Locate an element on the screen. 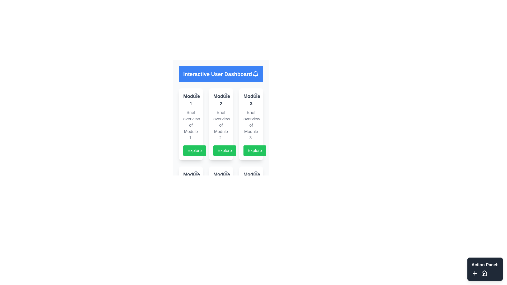  the 'Module 2' card element, which features a green 'Explore' button at the bottom, located in the second column of the first row is located at coordinates (221, 114).